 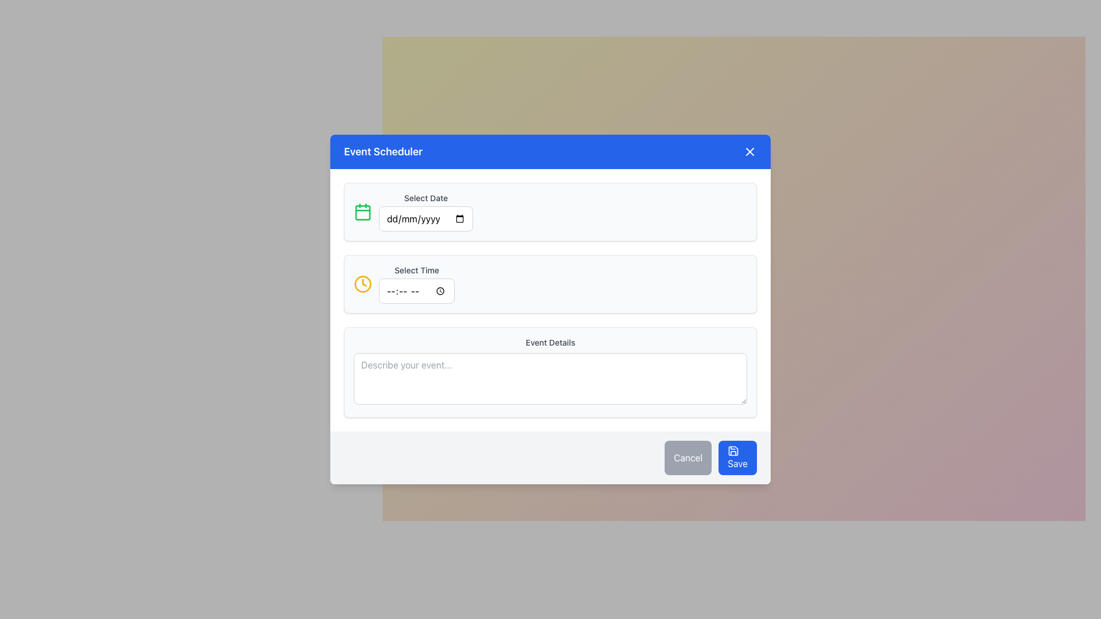 I want to click on properties of the rectangular graphical component with a green border located within the calendar icon next to the 'Select Date' label in the 'Event Scheduler' modal popup, so click(x=362, y=212).